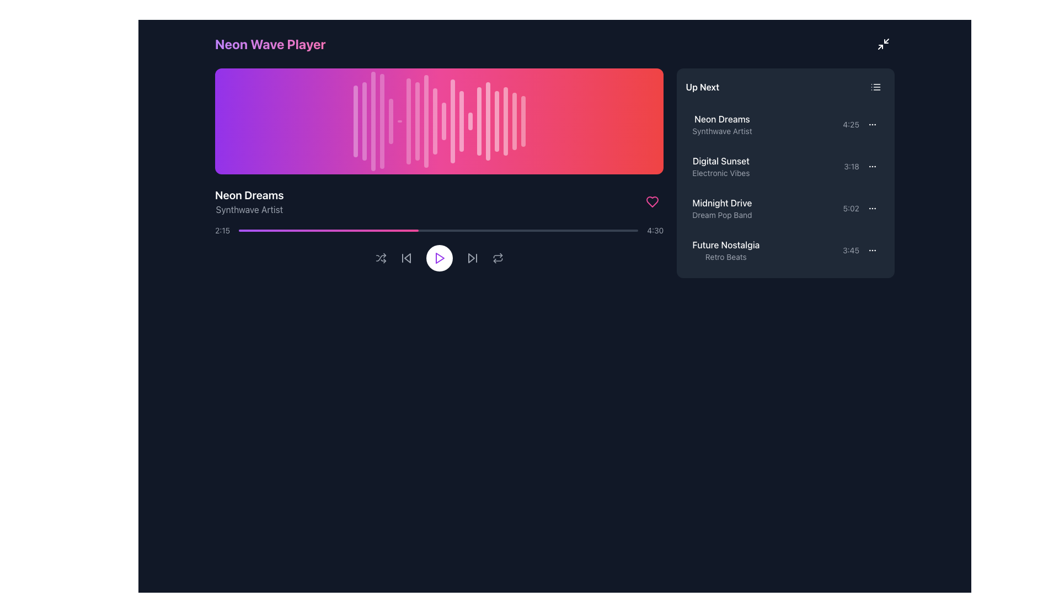 This screenshot has height=596, width=1059. Describe the element at coordinates (851, 166) in the screenshot. I see `the time indicator text label for the 'Digital Sunset' track in the 'Up Next' section, located to the right side of the entry before the ellipsis icon` at that location.